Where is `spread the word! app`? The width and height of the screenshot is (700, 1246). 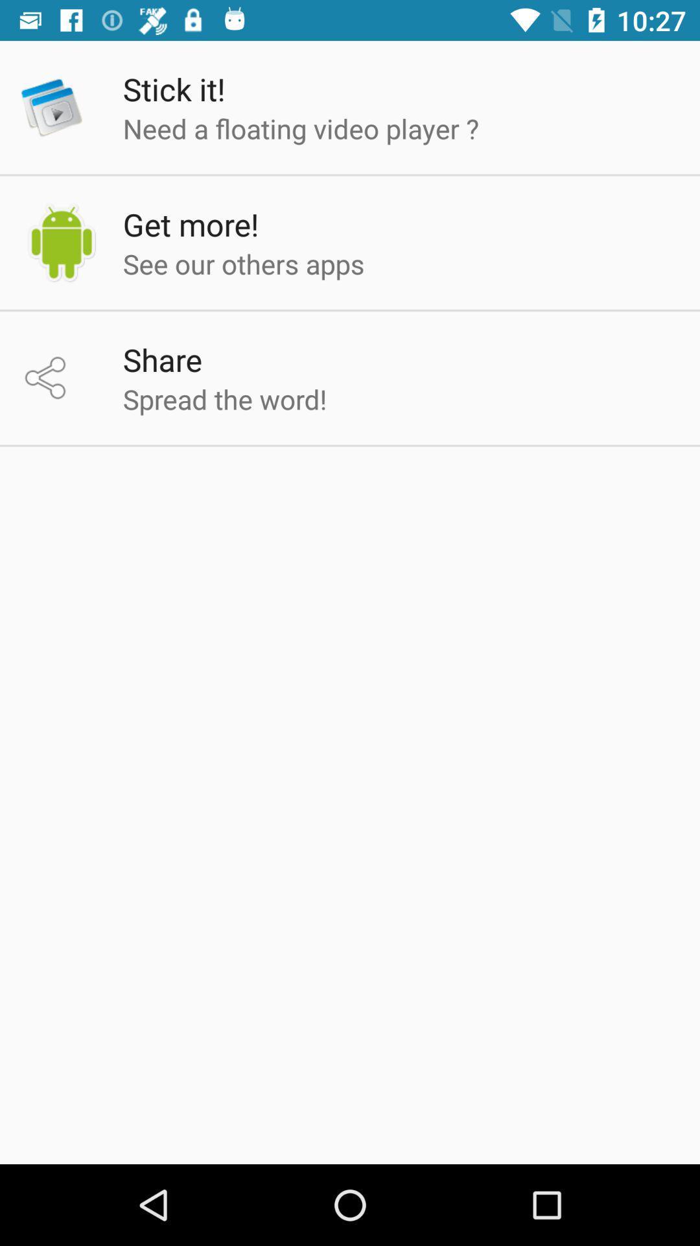
spread the word! app is located at coordinates (224, 398).